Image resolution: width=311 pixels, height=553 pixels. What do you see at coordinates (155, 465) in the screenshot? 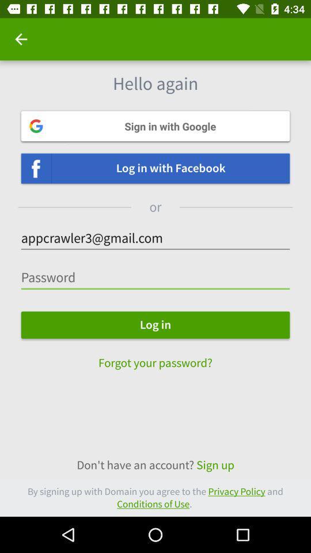
I see `don t have item` at bounding box center [155, 465].